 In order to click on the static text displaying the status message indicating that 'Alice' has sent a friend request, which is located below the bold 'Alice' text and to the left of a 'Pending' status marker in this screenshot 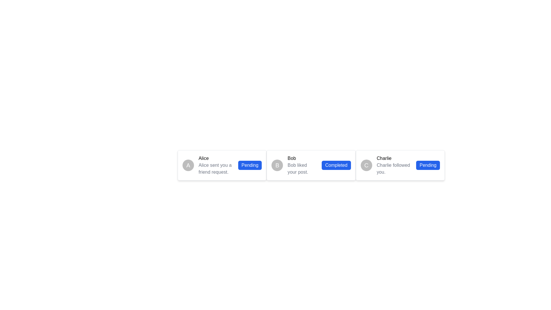, I will do `click(216, 168)`.